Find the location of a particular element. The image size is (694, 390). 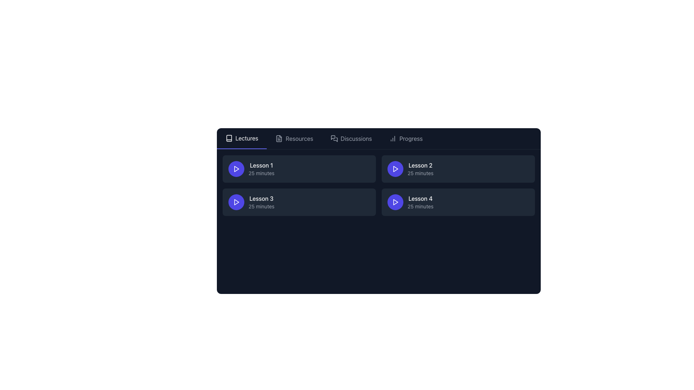

the progress icon located in the 'Progress' navigation tab at the right end of the navigation bar, which visually represents the concept of progress or analytics is located at coordinates (393, 139).